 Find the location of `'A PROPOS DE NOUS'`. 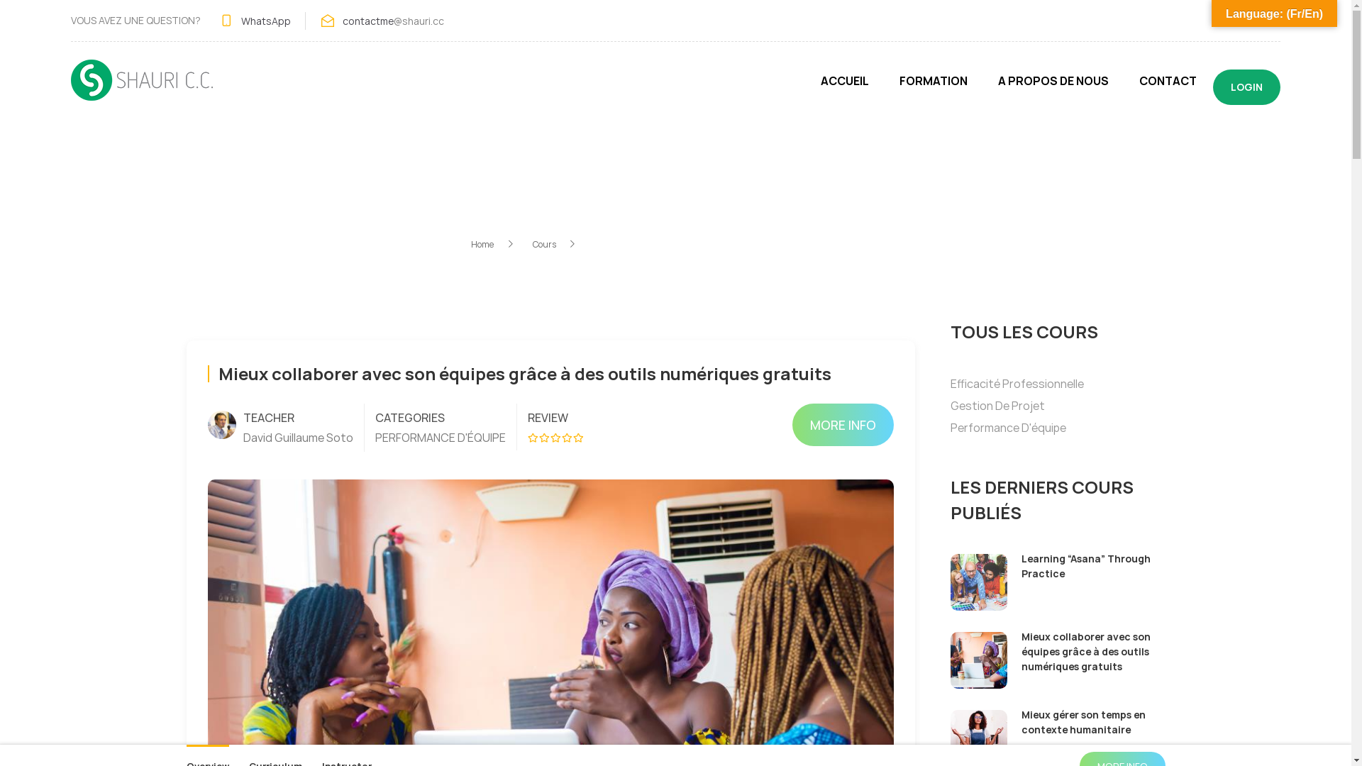

'A PROPOS DE NOUS' is located at coordinates (1053, 87).